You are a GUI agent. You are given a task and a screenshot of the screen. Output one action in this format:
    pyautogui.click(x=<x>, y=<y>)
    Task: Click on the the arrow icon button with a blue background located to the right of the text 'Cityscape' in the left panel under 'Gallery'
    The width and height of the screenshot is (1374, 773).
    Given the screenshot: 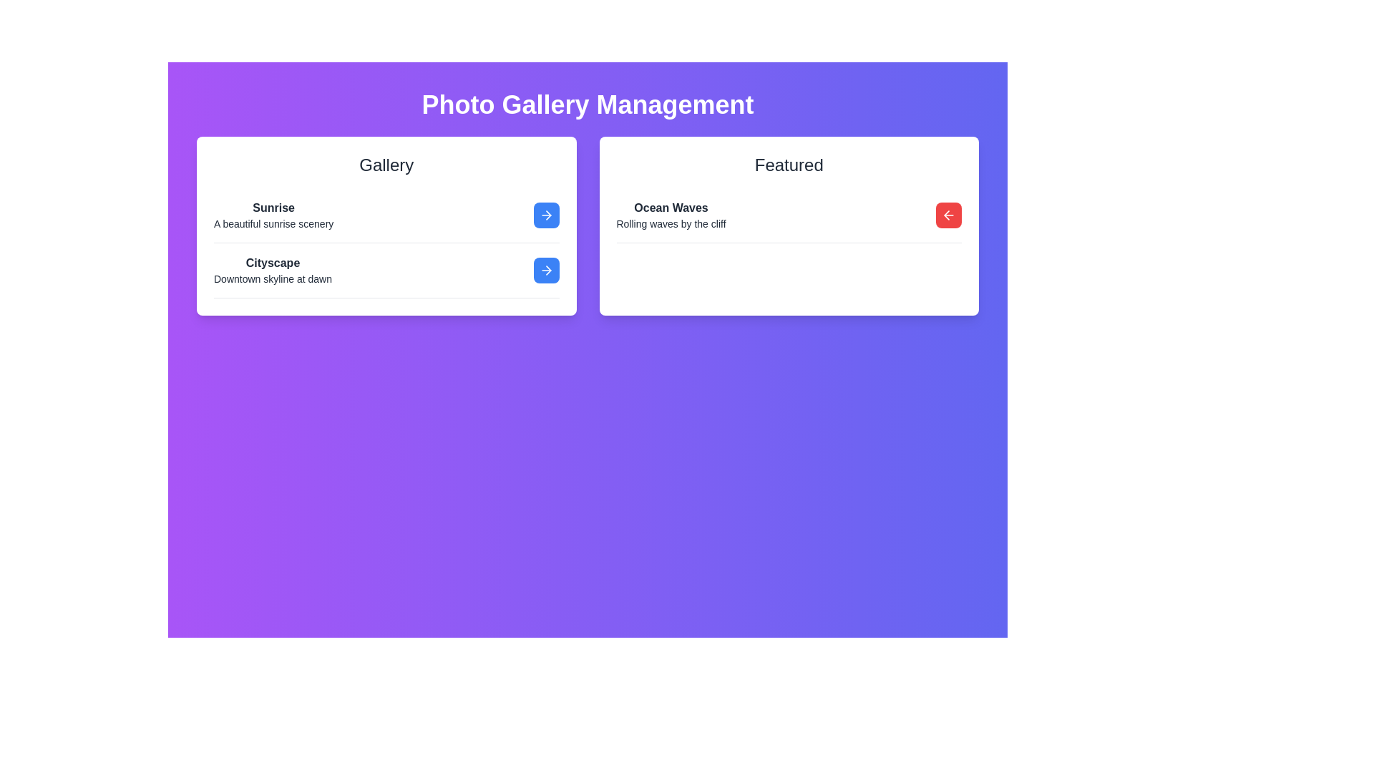 What is the action you would take?
    pyautogui.click(x=545, y=215)
    